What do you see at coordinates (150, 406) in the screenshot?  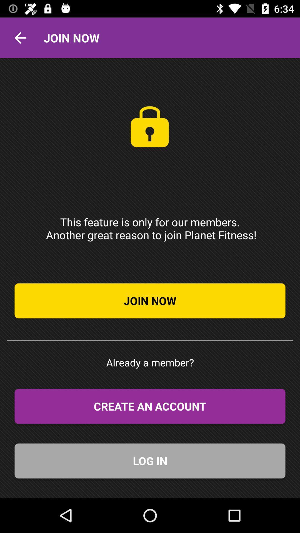 I see `the create an account item` at bounding box center [150, 406].